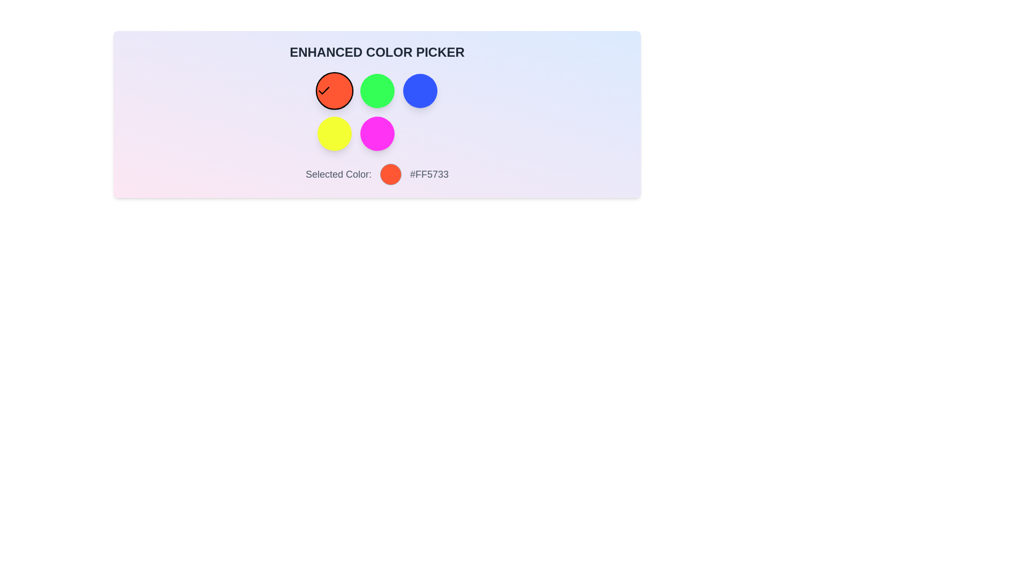 The width and height of the screenshot is (1028, 578). Describe the element at coordinates (377, 174) in the screenshot. I see `the currently selected color displayed in the informational component located at the bottom center of the interface, which shows the label, visual representation, and hexadecimal code` at that location.